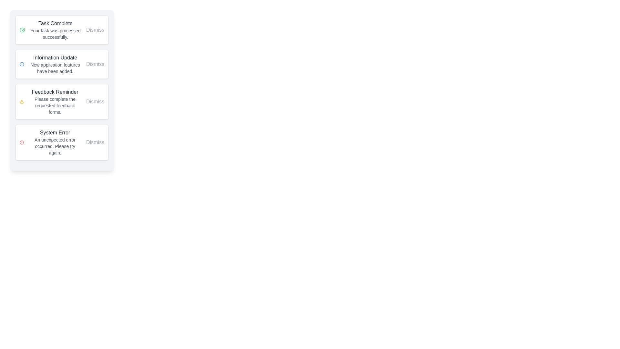  I want to click on message in the Notification card titled 'Information Update', which describes new application features, so click(62, 64).